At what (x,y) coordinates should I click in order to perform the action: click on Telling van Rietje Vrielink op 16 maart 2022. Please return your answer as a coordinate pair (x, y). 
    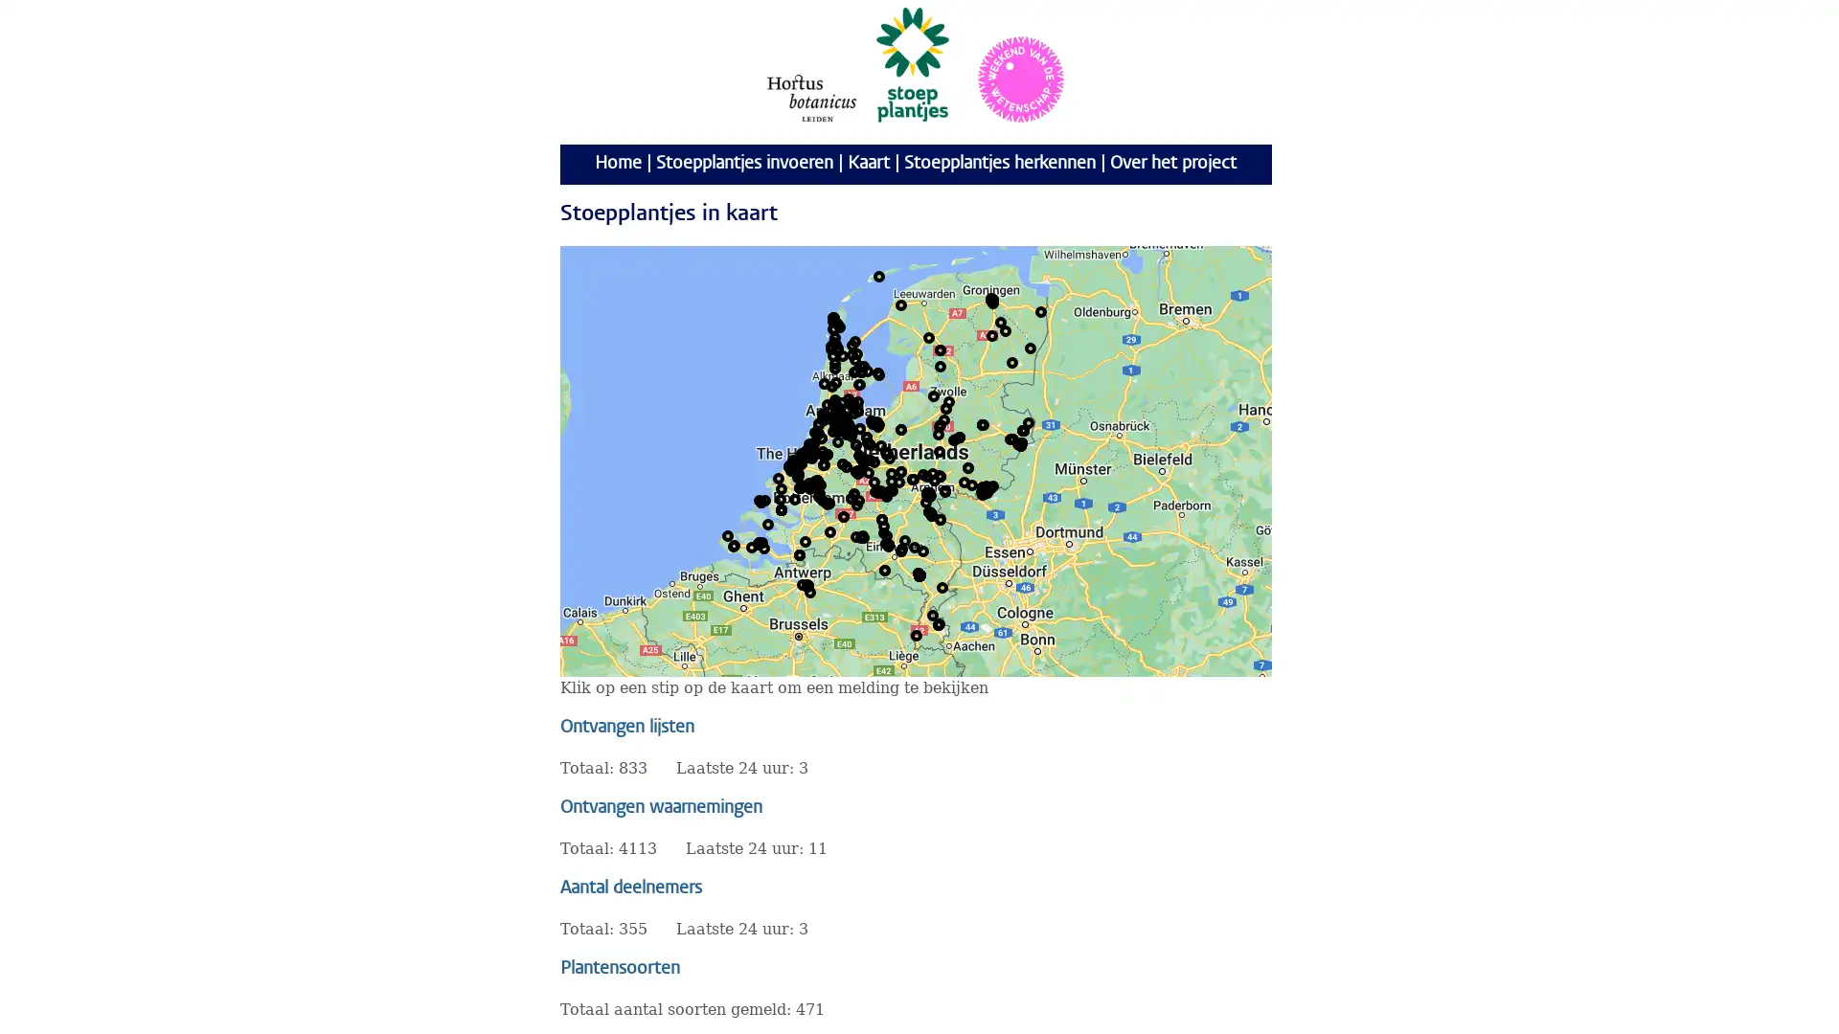
    Looking at the image, I should click on (824, 464).